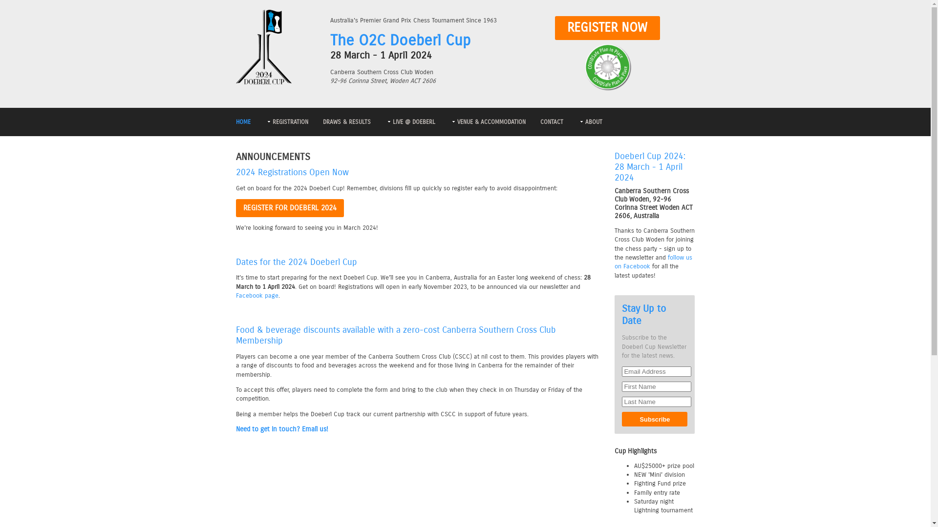 Image resolution: width=938 pixels, height=527 pixels. Describe the element at coordinates (449, 122) in the screenshot. I see `'VENUE & ACCOMMODATION'` at that location.